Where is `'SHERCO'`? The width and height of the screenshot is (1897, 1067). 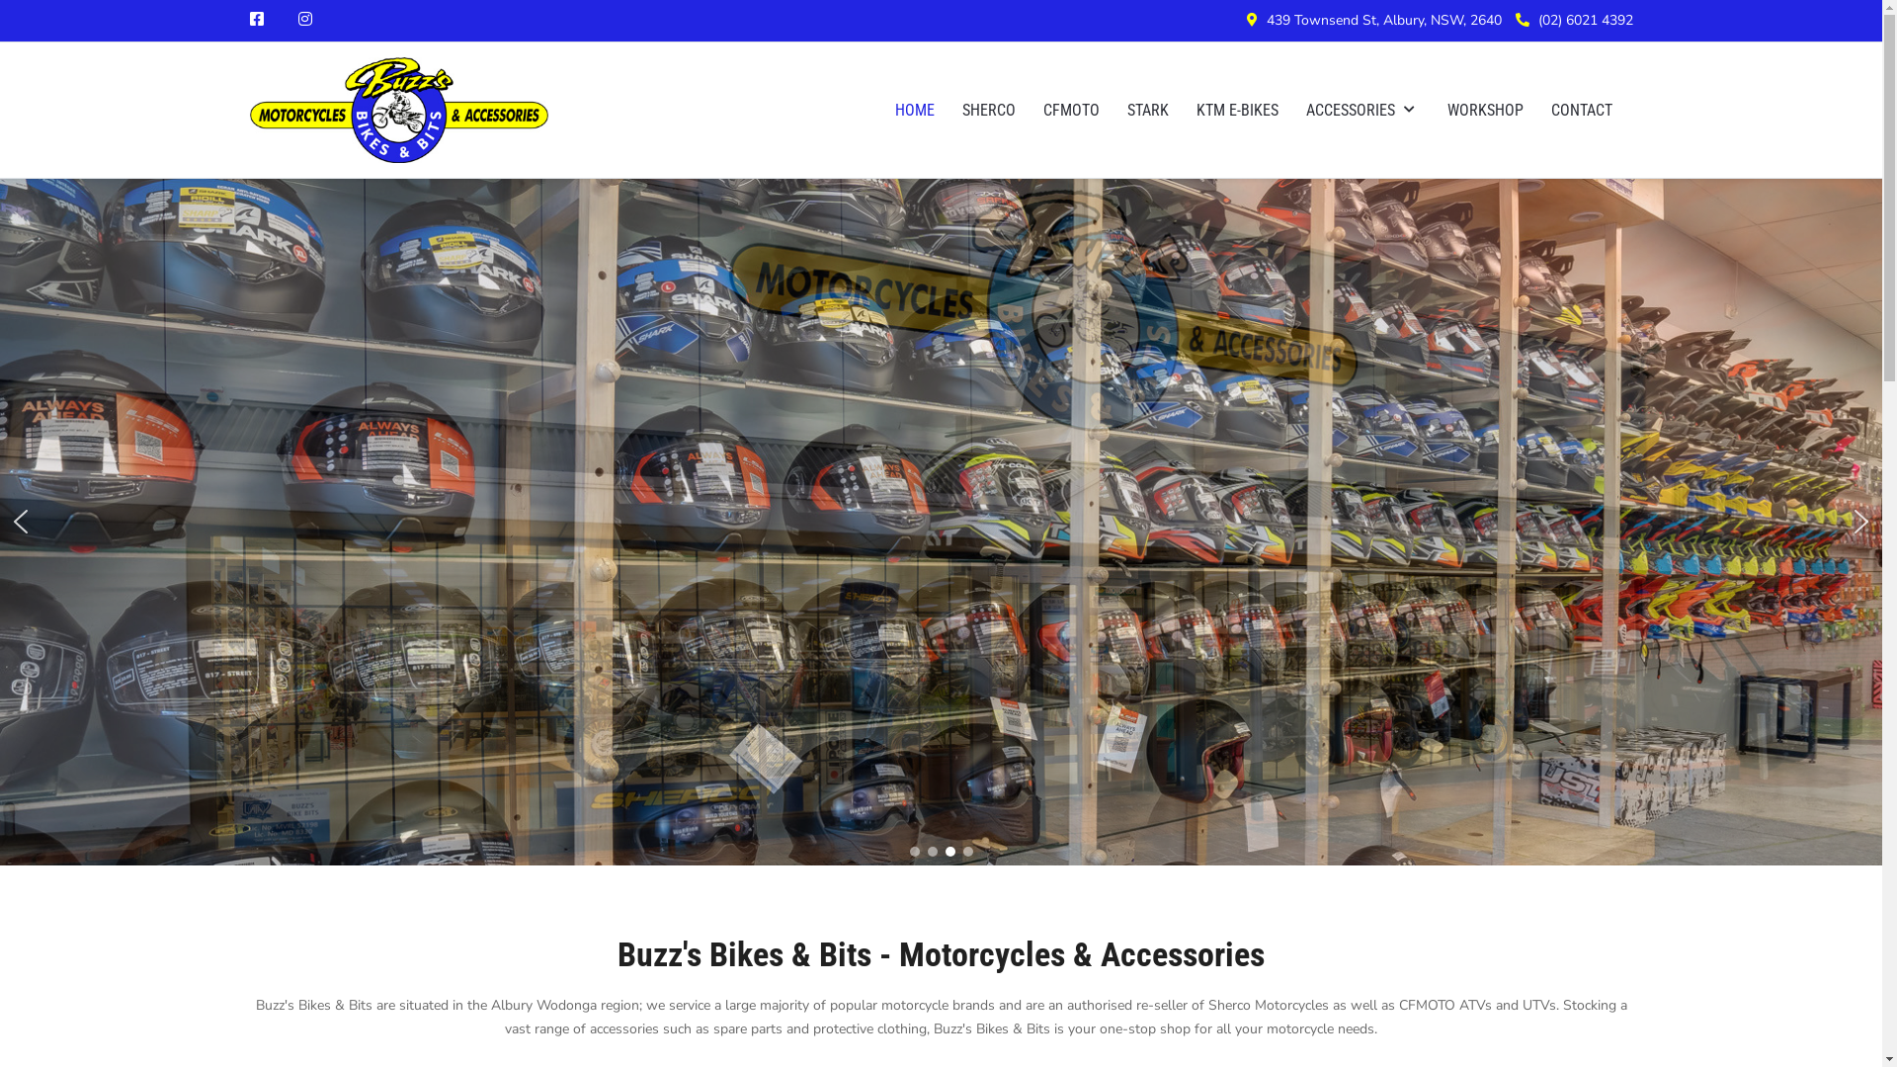 'SHERCO' is located at coordinates (989, 110).